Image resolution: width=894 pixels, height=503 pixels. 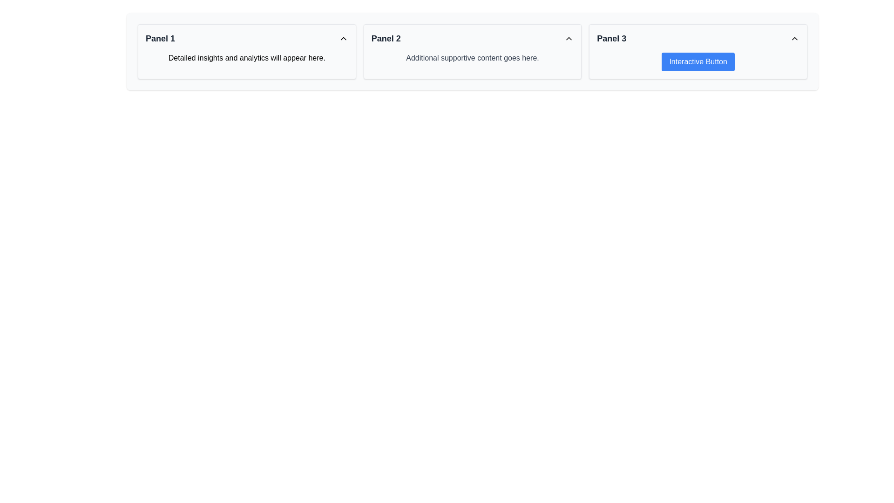 I want to click on the static text content element located in 'Panel 2', which is directly underneath the panel title, so click(x=472, y=58).